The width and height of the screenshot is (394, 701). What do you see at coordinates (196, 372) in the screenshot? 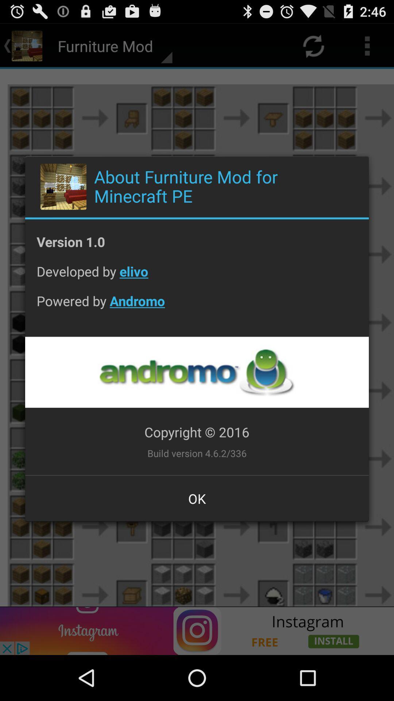
I see `the app below powered by andromo app` at bounding box center [196, 372].